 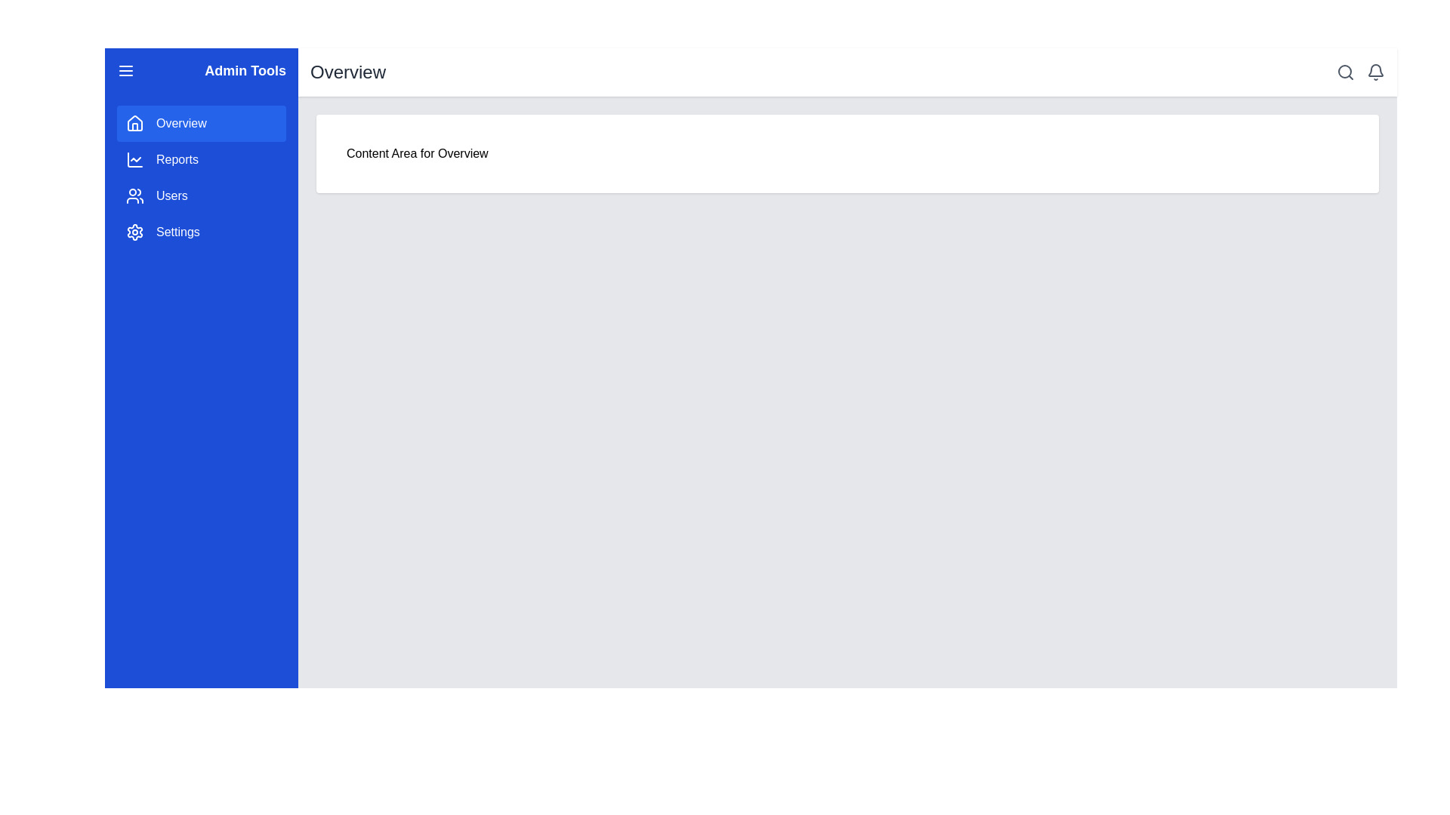 I want to click on the bell icon located in the top right corner of the header bar, so click(x=1360, y=72).